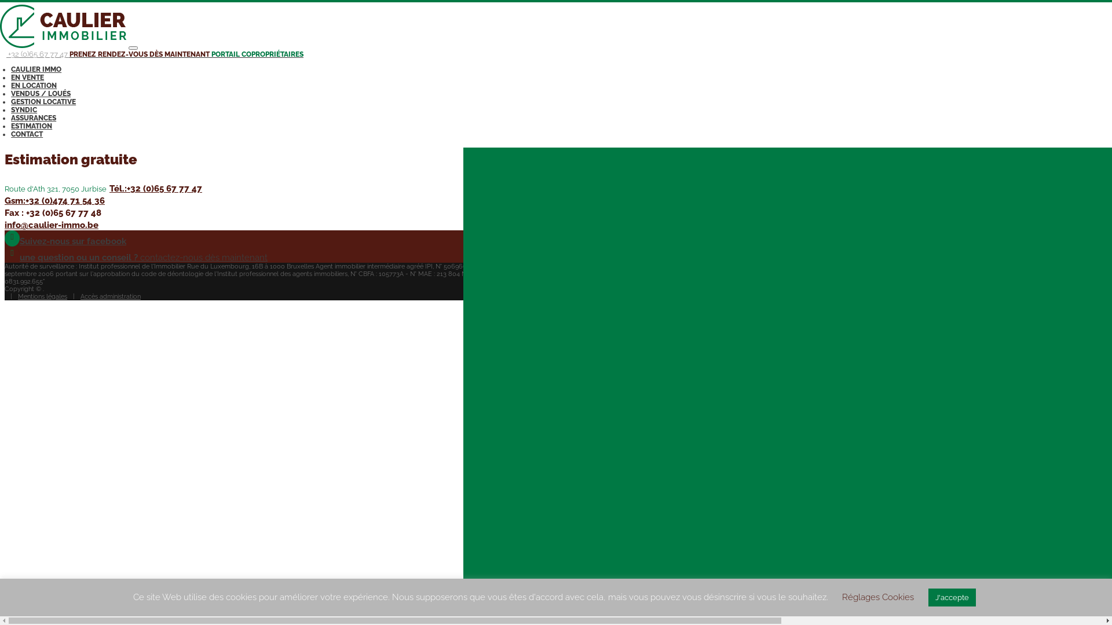  I want to click on 'J'accepte', so click(952, 597).